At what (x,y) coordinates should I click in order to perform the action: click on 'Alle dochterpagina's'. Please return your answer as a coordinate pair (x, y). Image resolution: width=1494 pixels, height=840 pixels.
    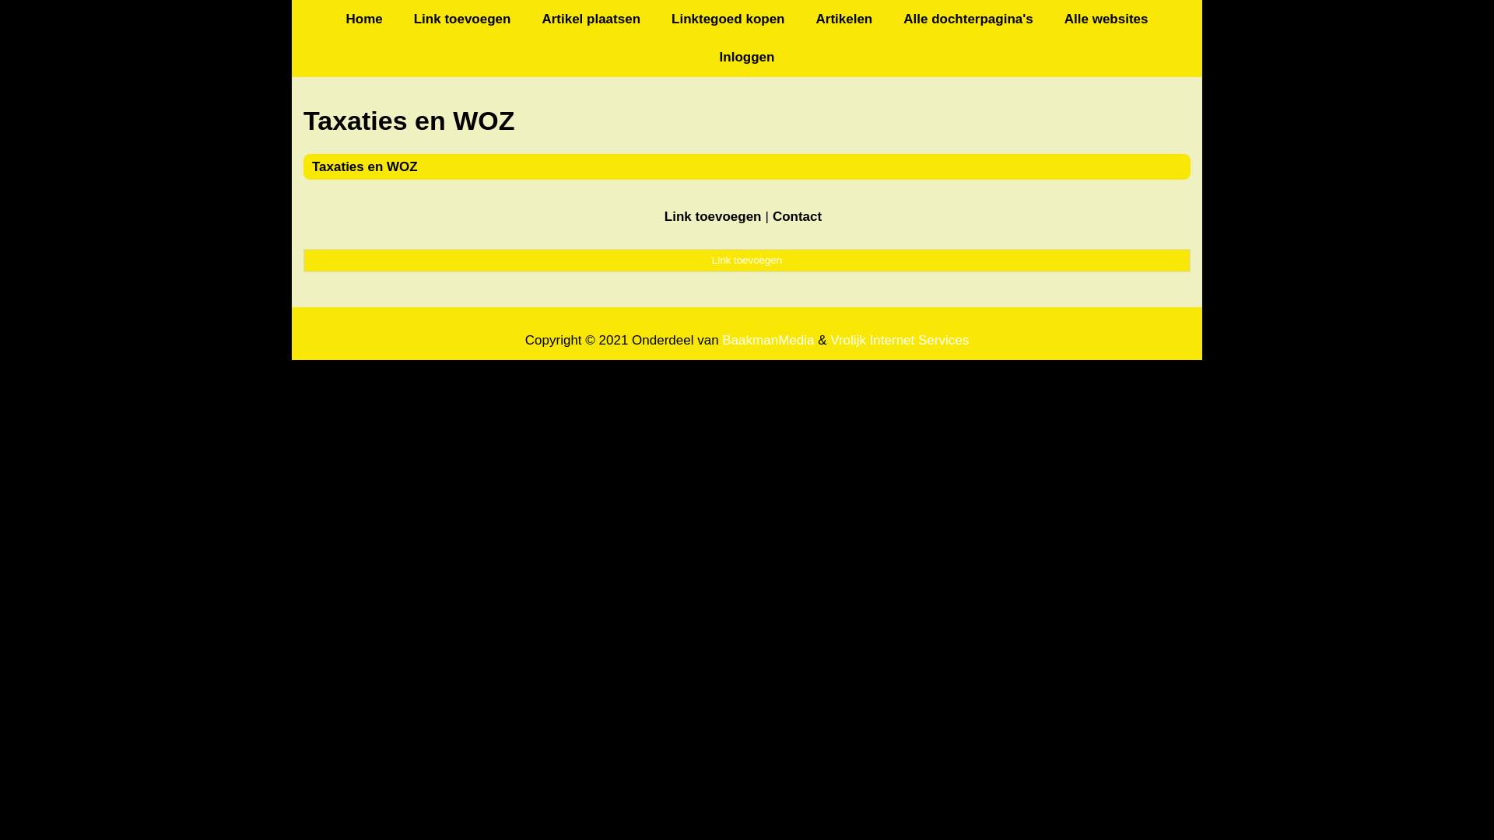
    Looking at the image, I should click on (967, 19).